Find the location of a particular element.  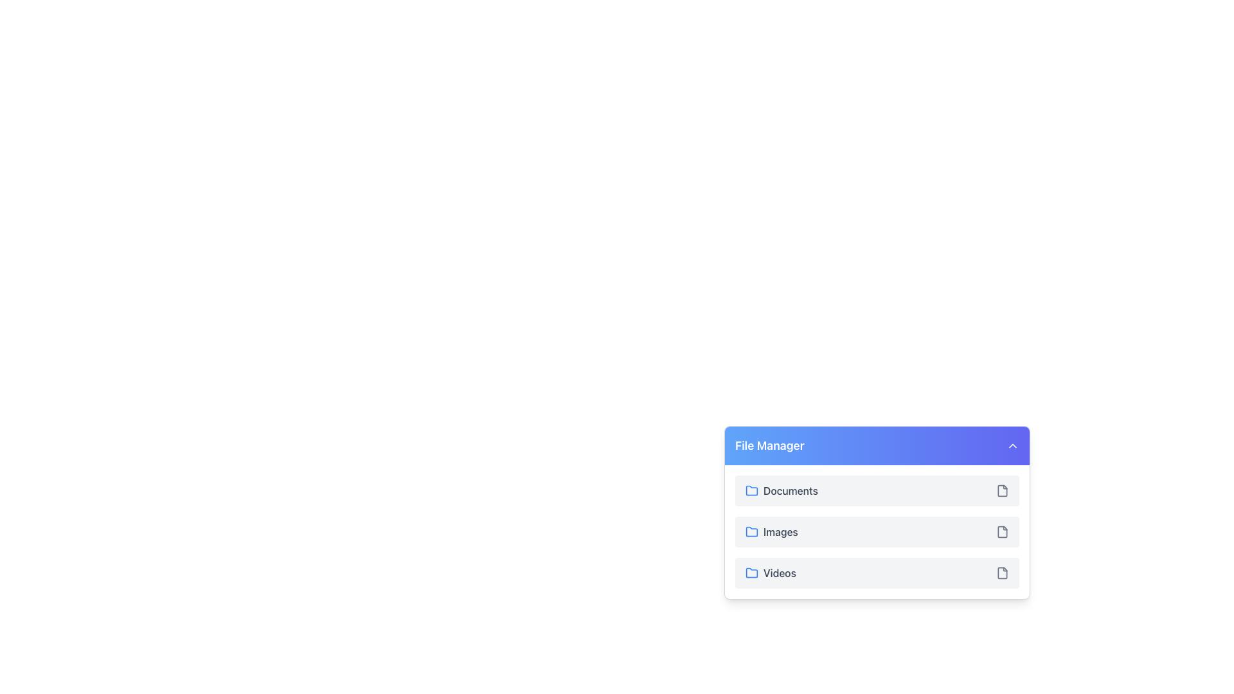

the interactive toggle icon located at the right edge of the blue header section, aligned with the text 'File Manager' is located at coordinates (1012, 445).